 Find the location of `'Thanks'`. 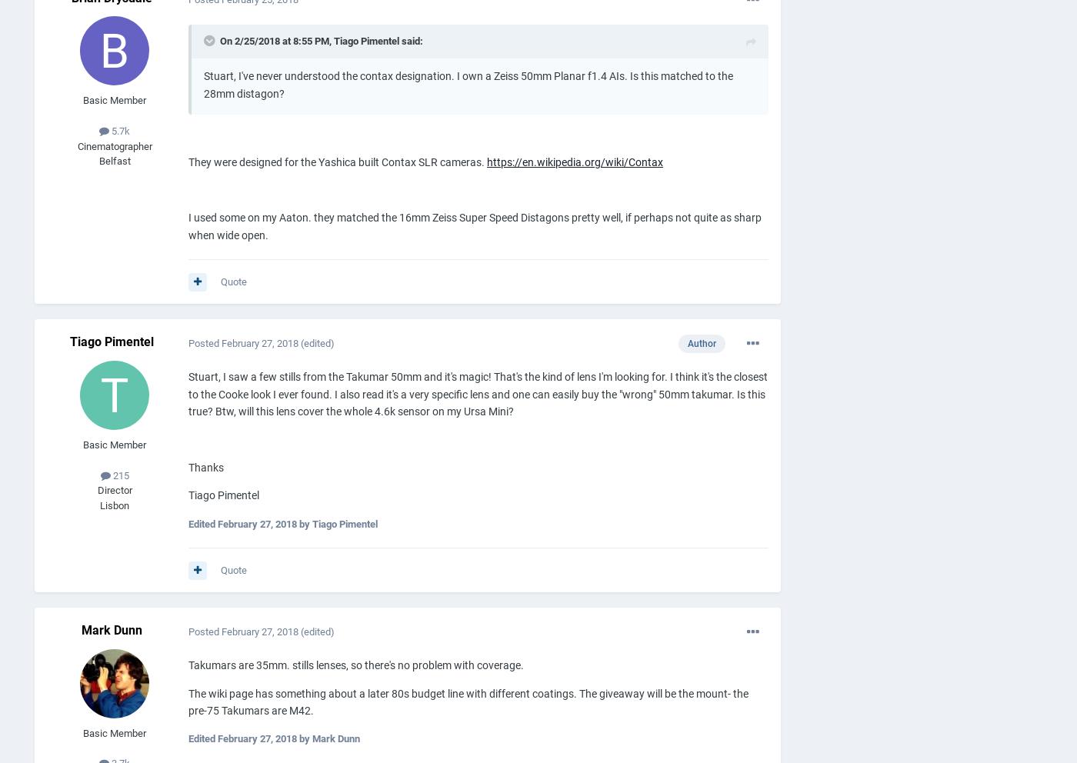

'Thanks' is located at coordinates (205, 466).